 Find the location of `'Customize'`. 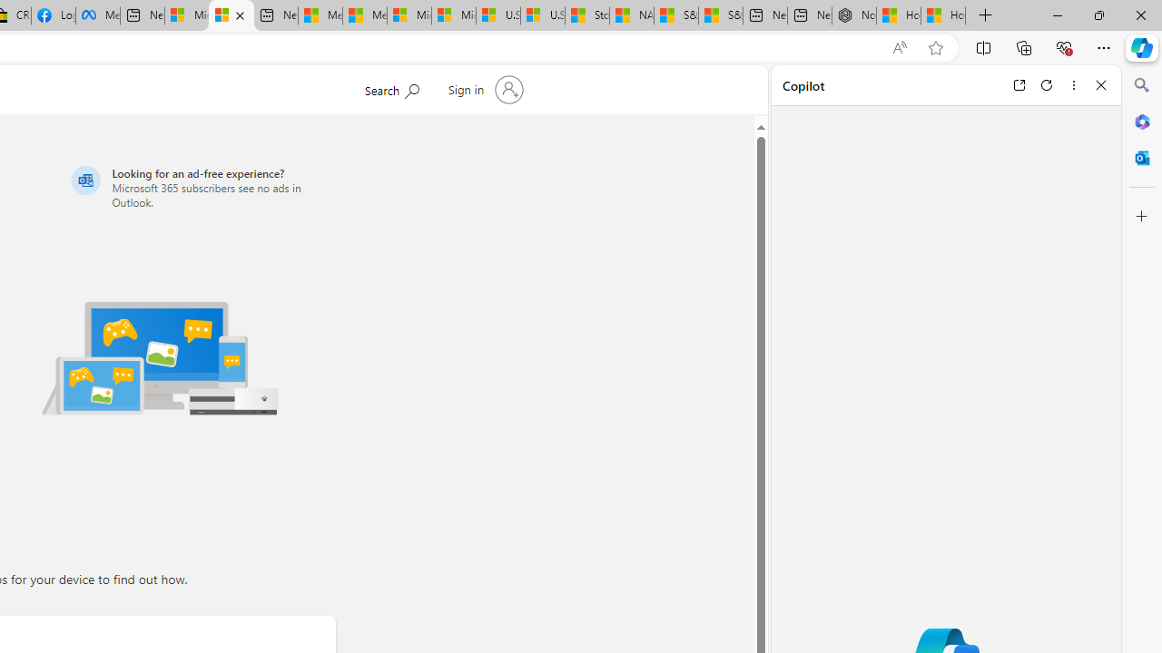

'Customize' is located at coordinates (1141, 216).